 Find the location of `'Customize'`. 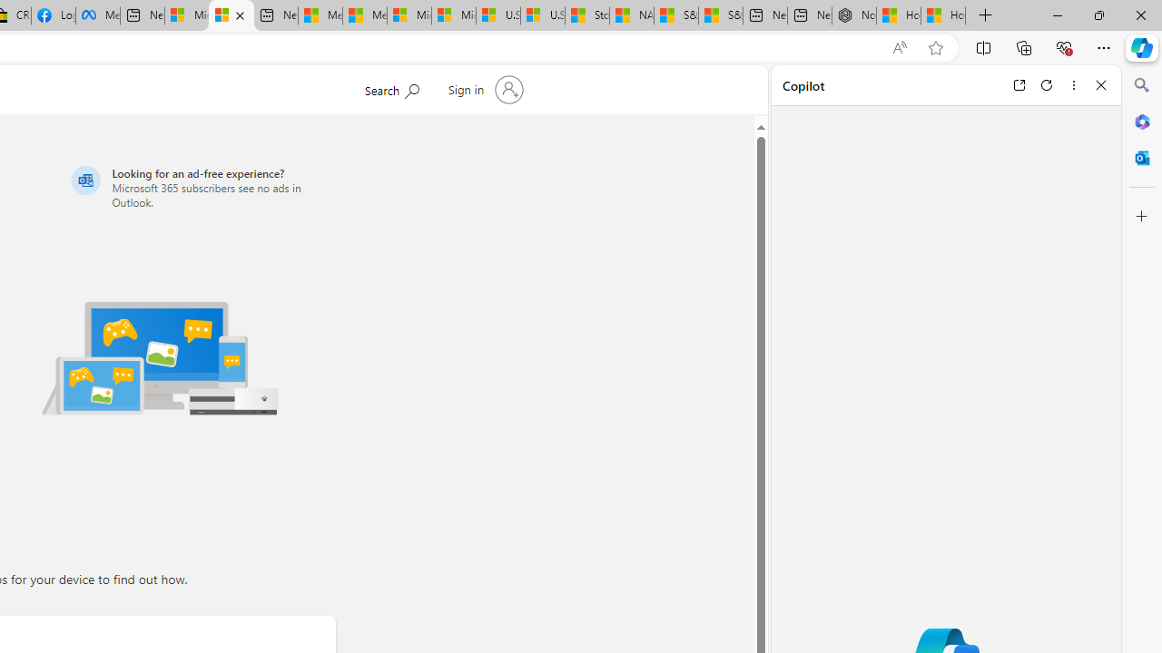

'Customize' is located at coordinates (1141, 216).